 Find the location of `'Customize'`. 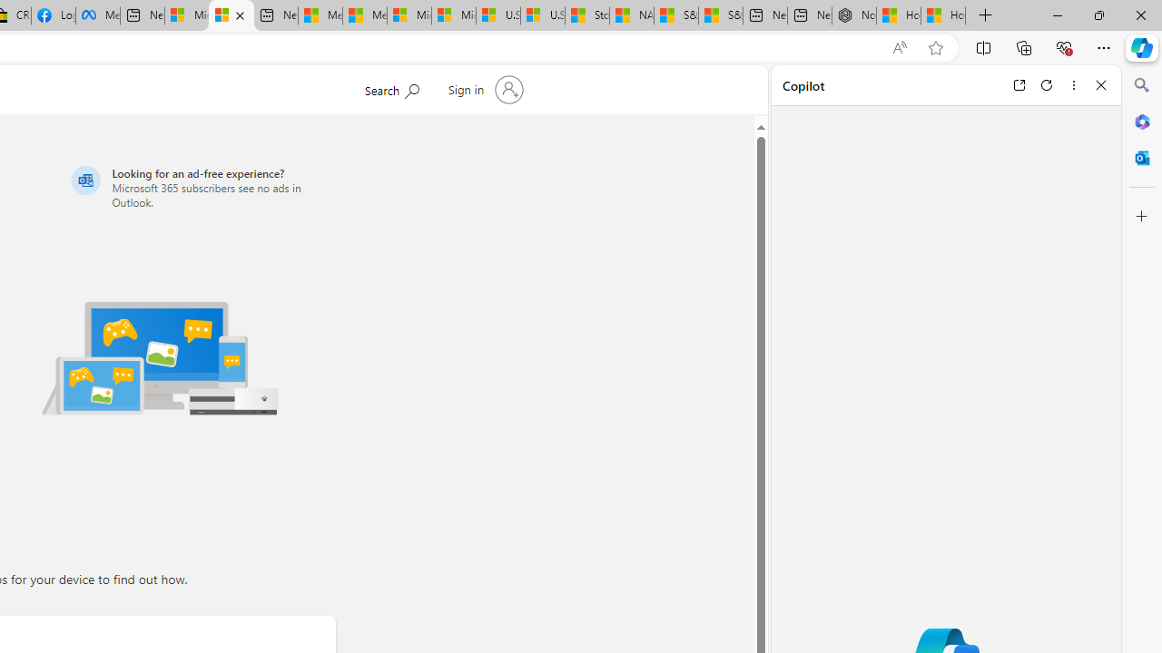

'Customize' is located at coordinates (1141, 216).